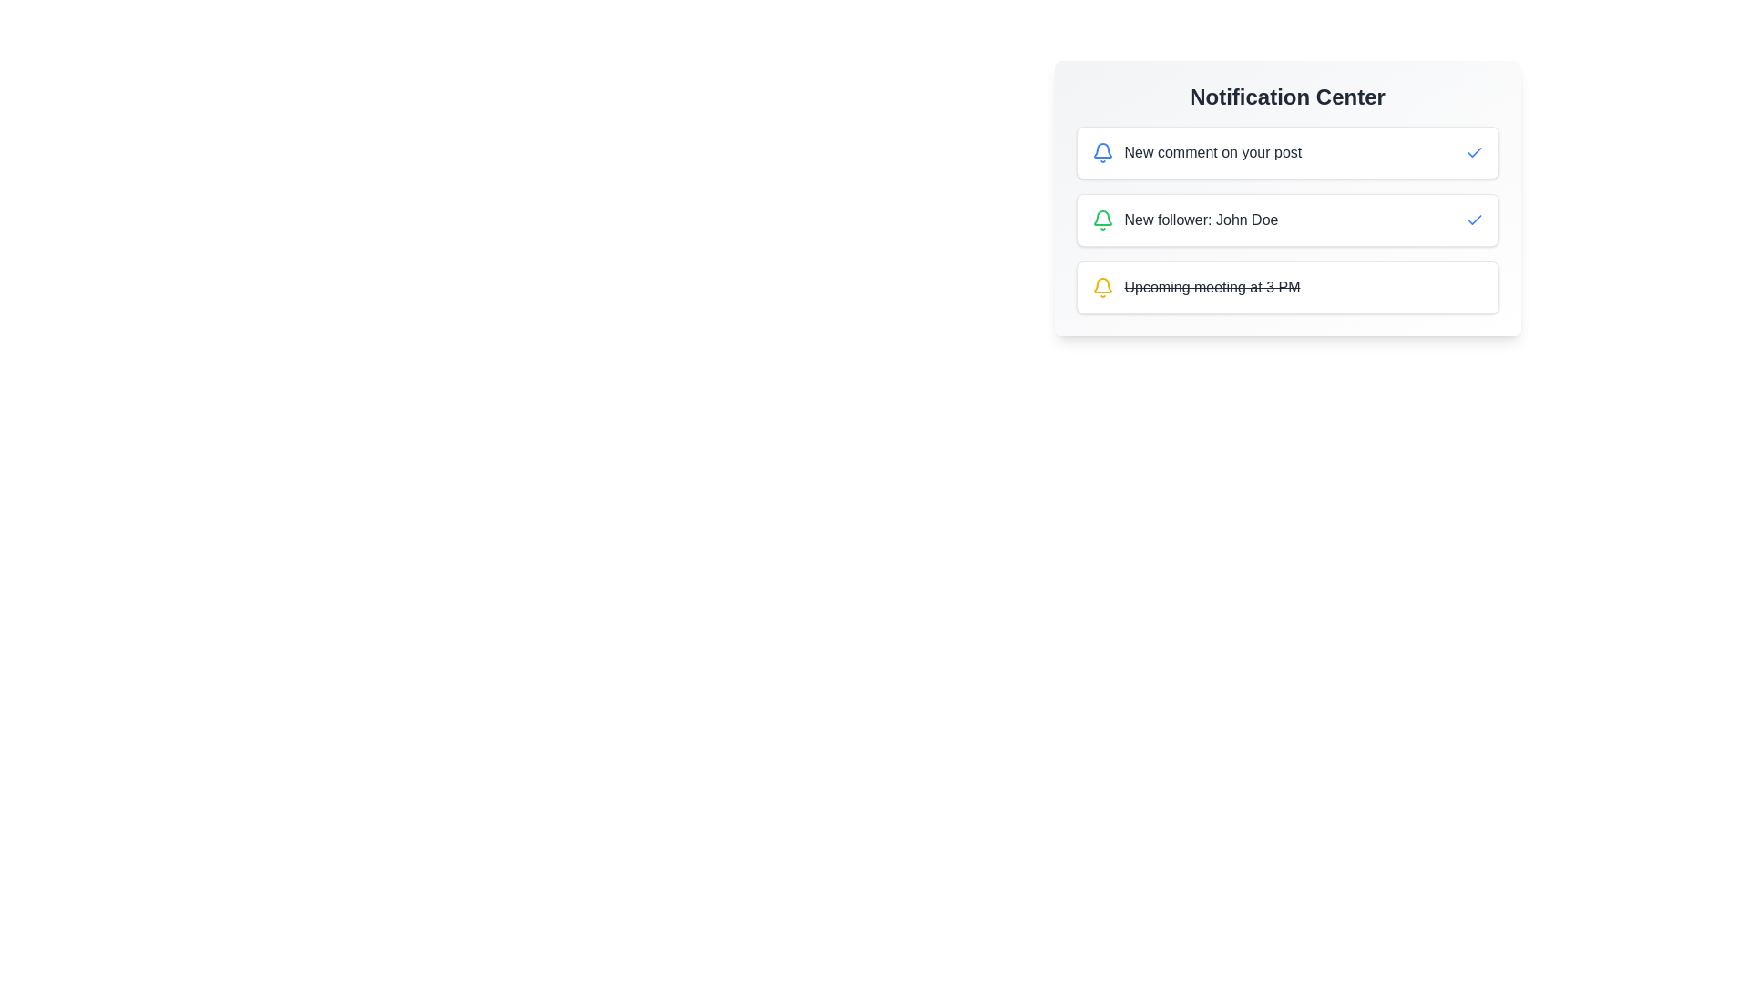  What do you see at coordinates (1101, 220) in the screenshot?
I see `the green notification bell icon located to the left of the text 'New follower: John Doe' in the Notification Center` at bounding box center [1101, 220].